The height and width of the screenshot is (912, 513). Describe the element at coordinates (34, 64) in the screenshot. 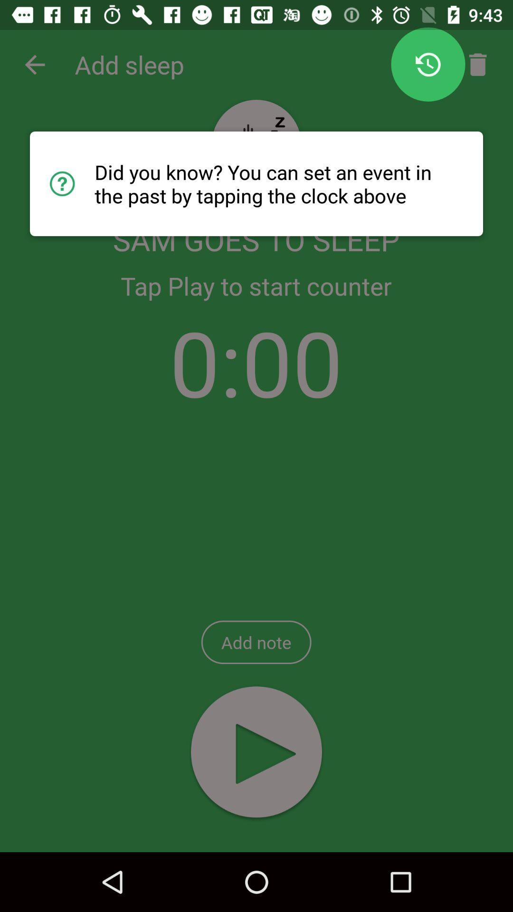

I see `item next to the add sleep` at that location.